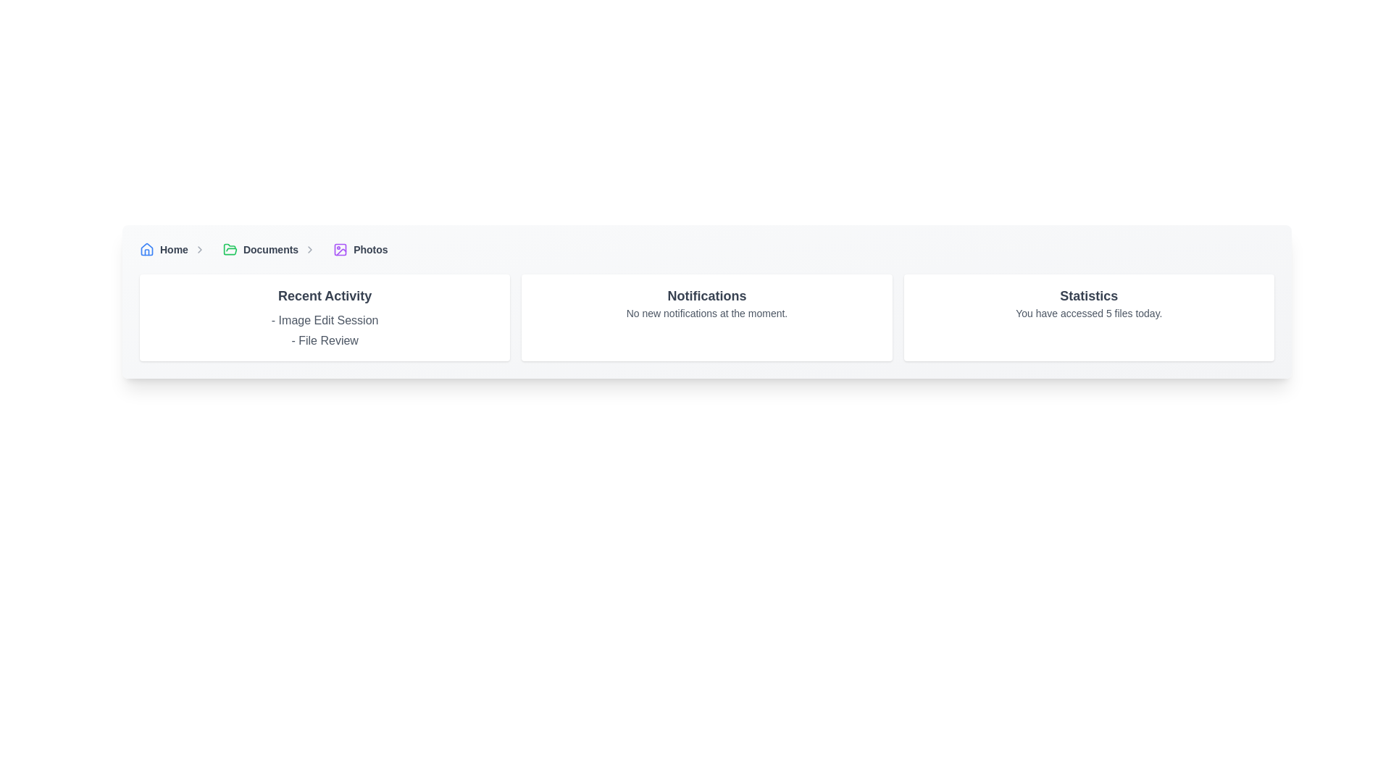  Describe the element at coordinates (229, 248) in the screenshot. I see `the green-colored open folder icon located` at that location.